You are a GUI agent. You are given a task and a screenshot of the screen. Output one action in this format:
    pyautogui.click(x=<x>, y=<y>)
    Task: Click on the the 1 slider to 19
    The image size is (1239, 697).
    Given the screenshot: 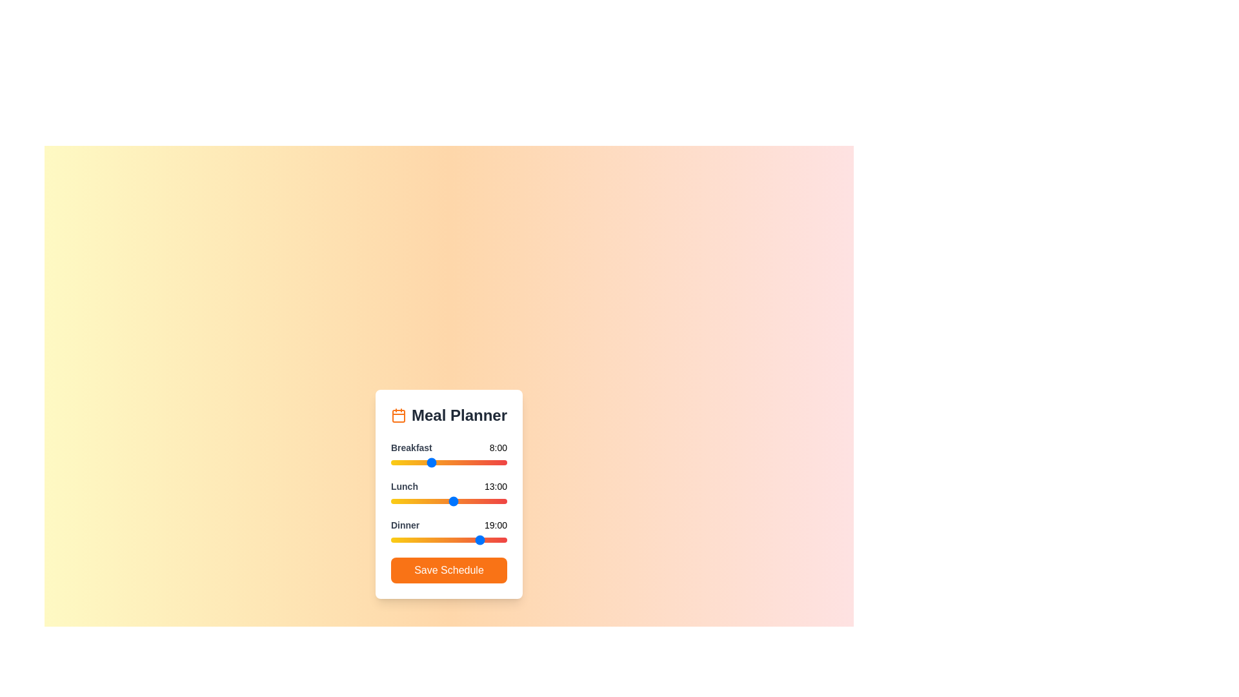 What is the action you would take?
    pyautogui.click(x=482, y=500)
    